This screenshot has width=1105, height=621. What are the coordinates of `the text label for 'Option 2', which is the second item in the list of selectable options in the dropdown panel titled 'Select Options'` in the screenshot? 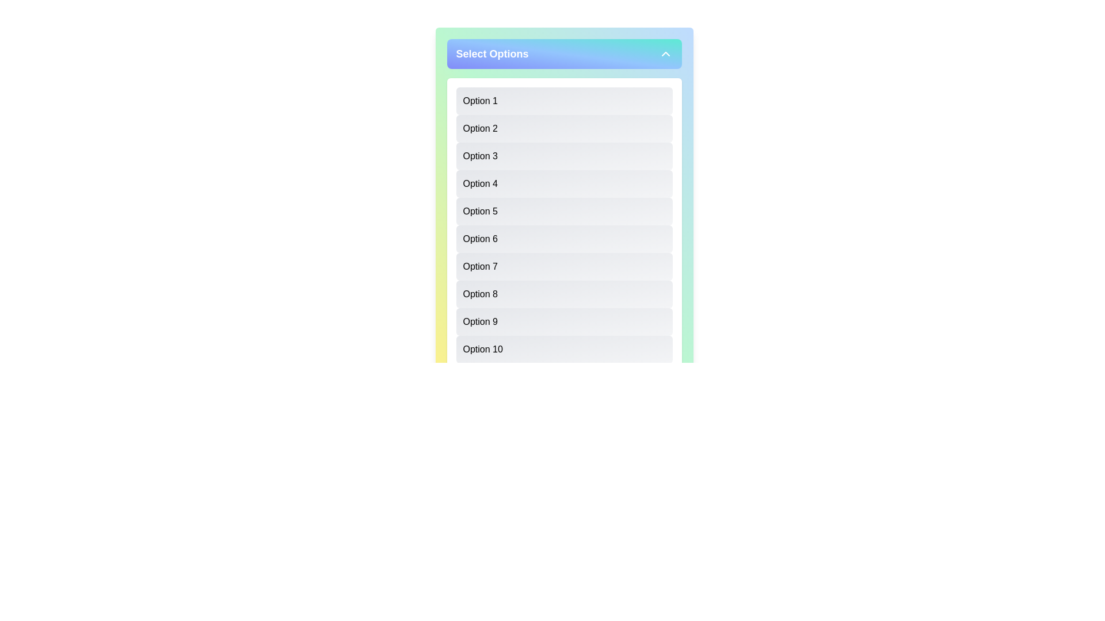 It's located at (480, 128).